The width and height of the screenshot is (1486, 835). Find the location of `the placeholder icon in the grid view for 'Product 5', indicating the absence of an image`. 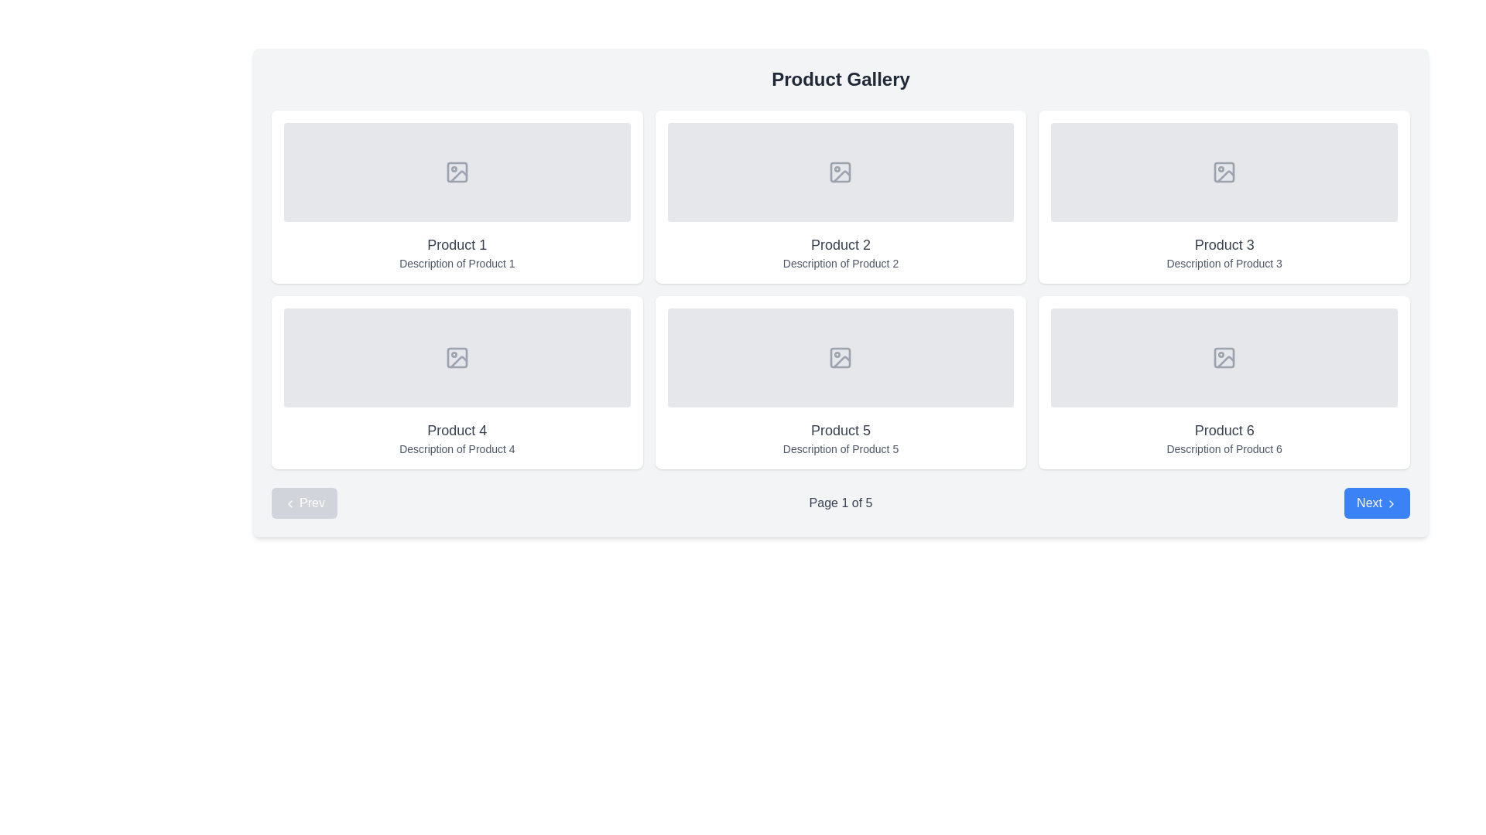

the placeholder icon in the grid view for 'Product 5', indicating the absence of an image is located at coordinates (840, 357).